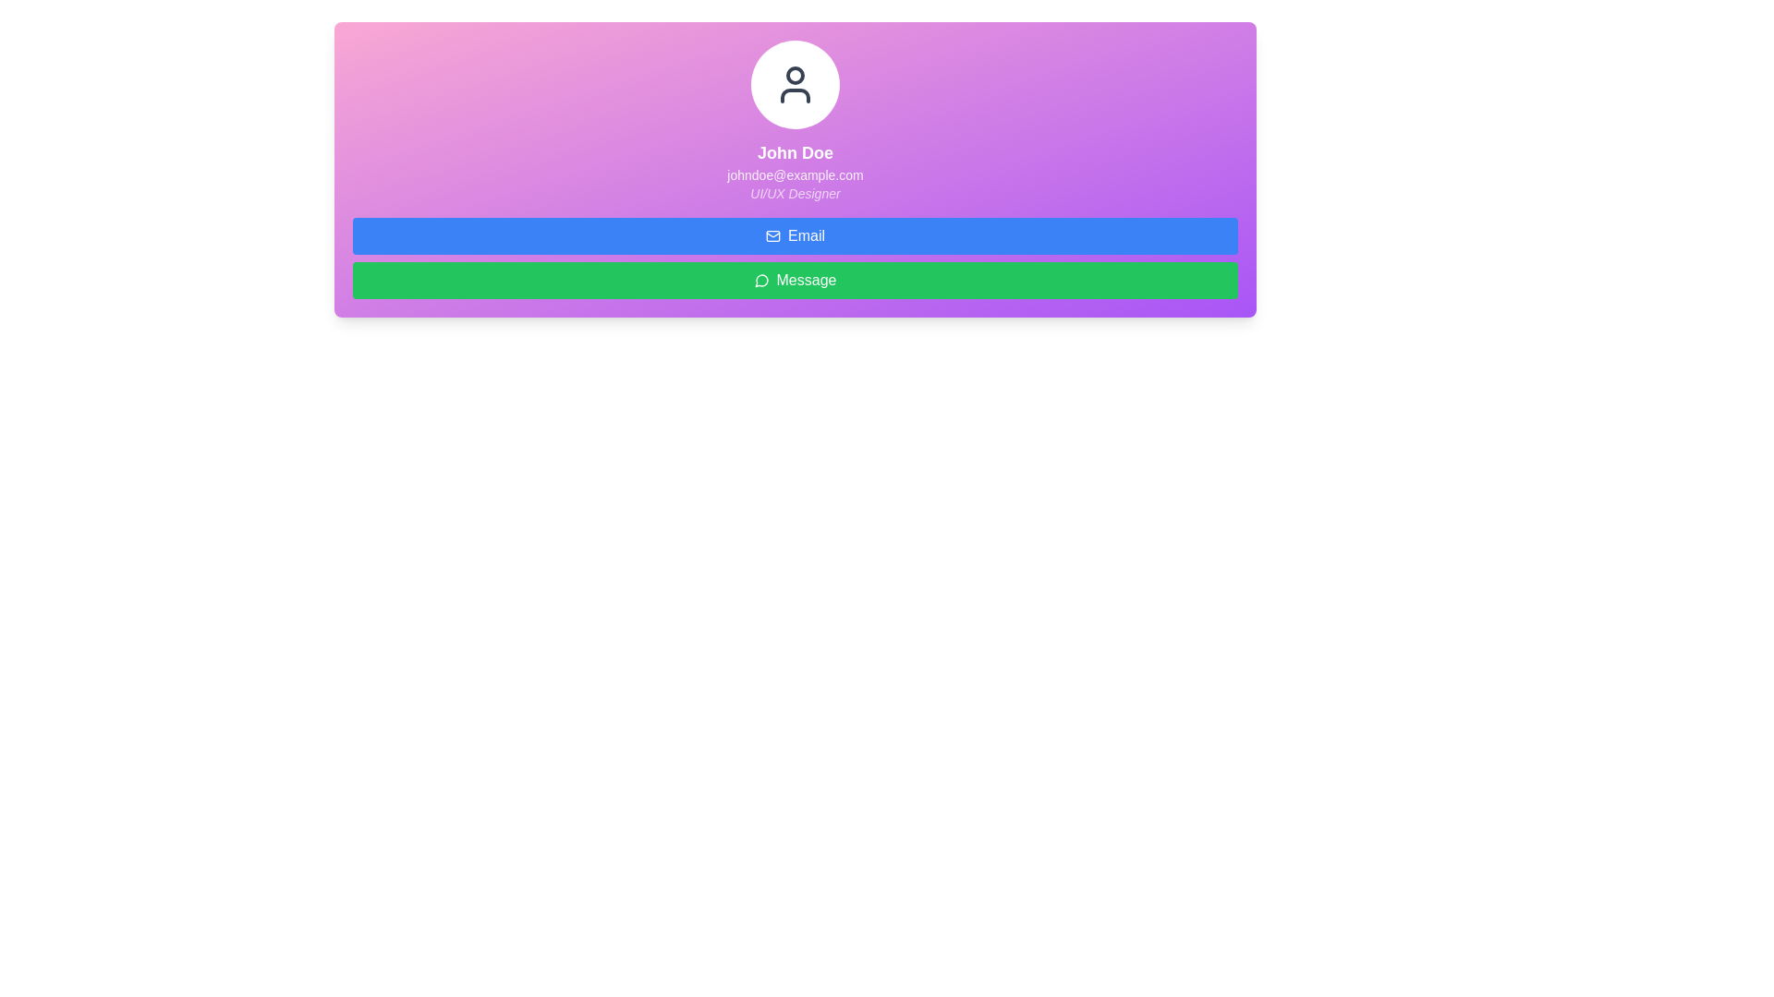  What do you see at coordinates (795, 85) in the screenshot?
I see `the user icon represented by a circular head and body, styled in gray and located within a white rounded background at the top-center of the interface` at bounding box center [795, 85].